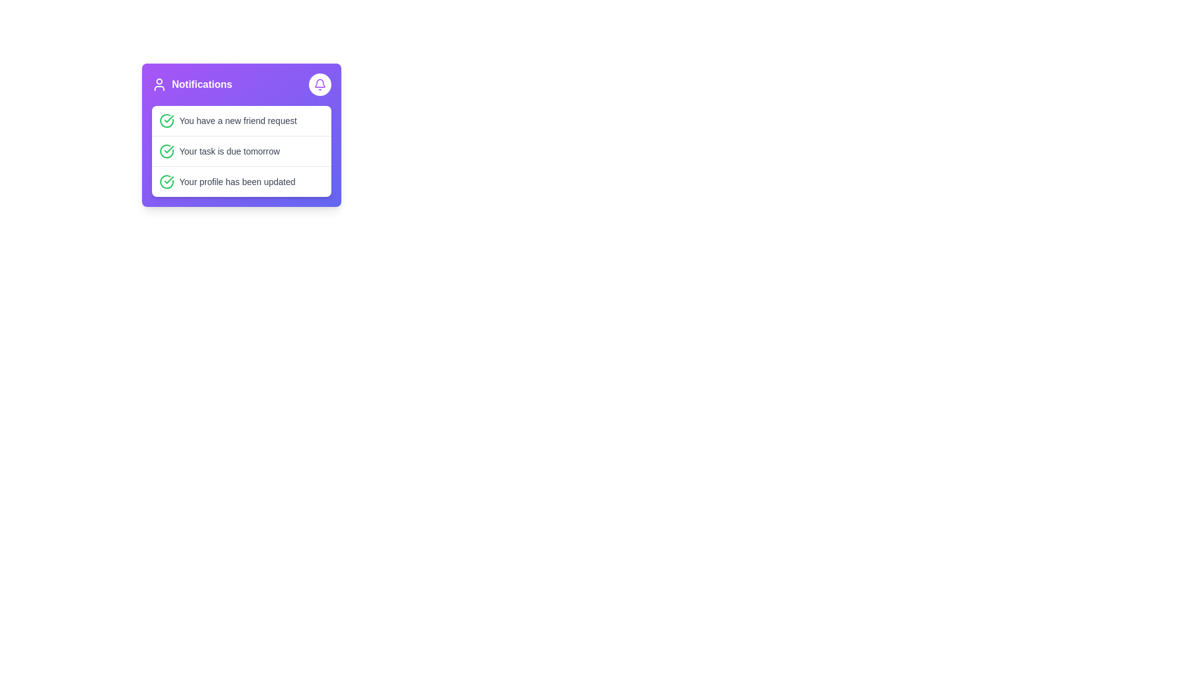  I want to click on the third notification item in the vertically stacked list, so click(242, 181).